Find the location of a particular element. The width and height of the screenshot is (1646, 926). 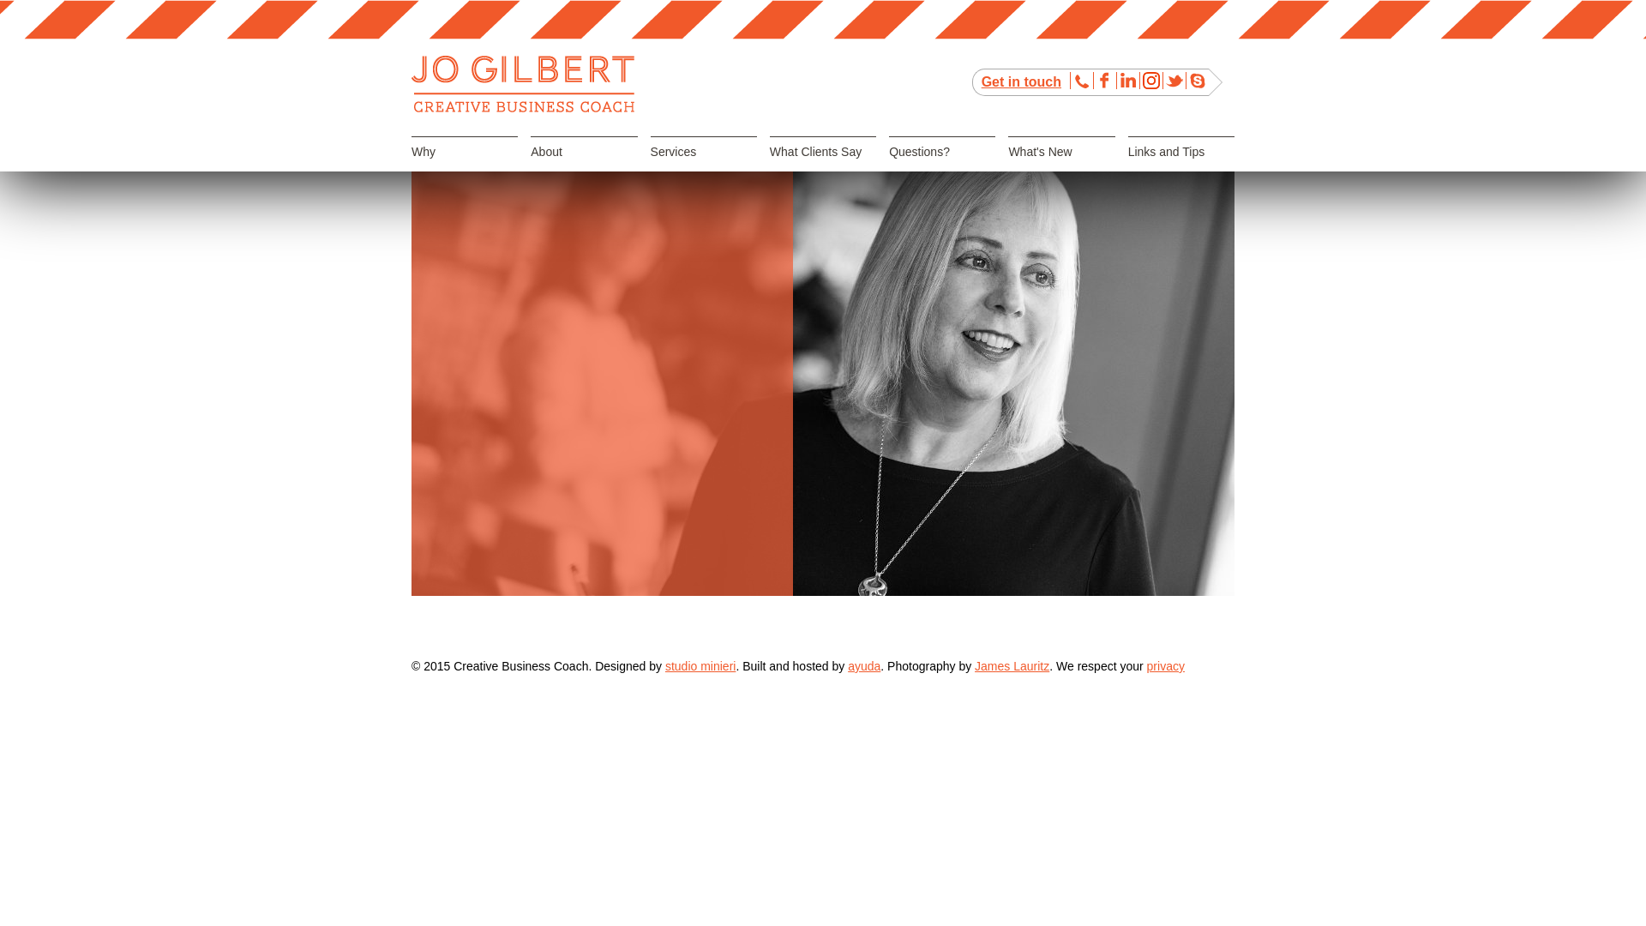

'What's New' is located at coordinates (1008, 167).